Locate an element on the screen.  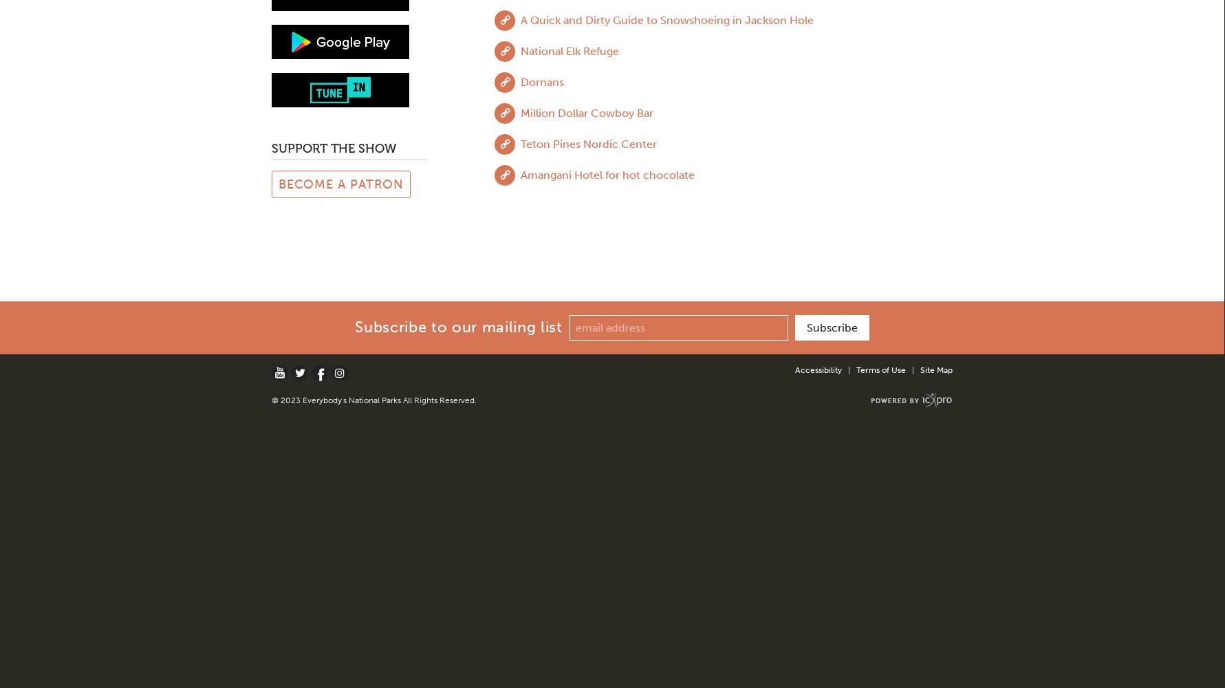
'June 2018' is located at coordinates (276, 138).